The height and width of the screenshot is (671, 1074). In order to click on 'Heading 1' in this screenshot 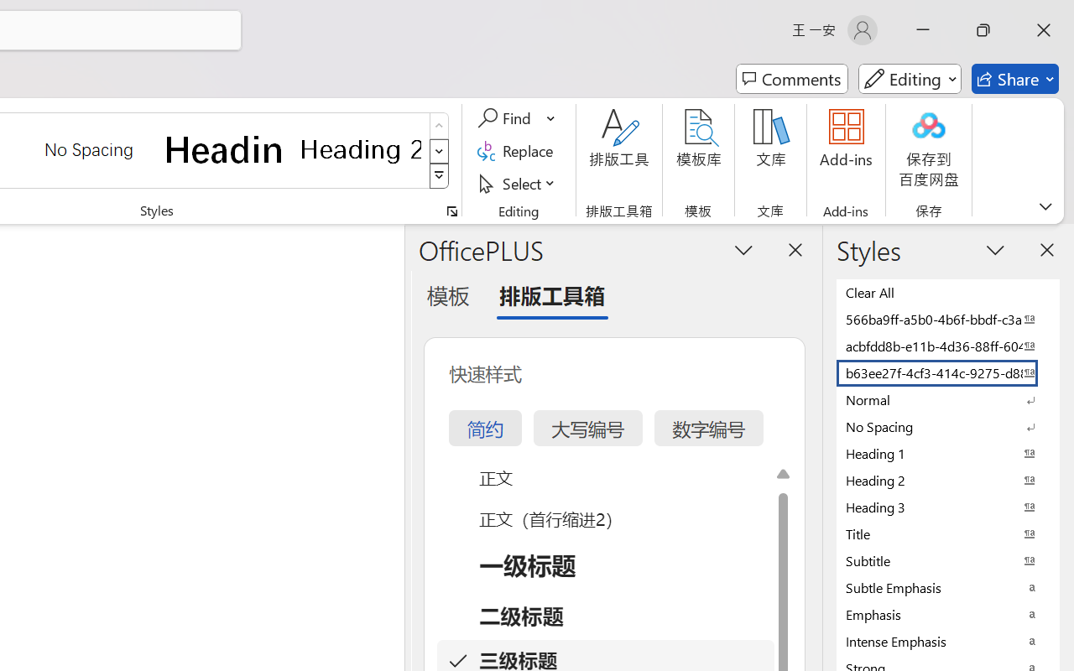, I will do `click(224, 148)`.